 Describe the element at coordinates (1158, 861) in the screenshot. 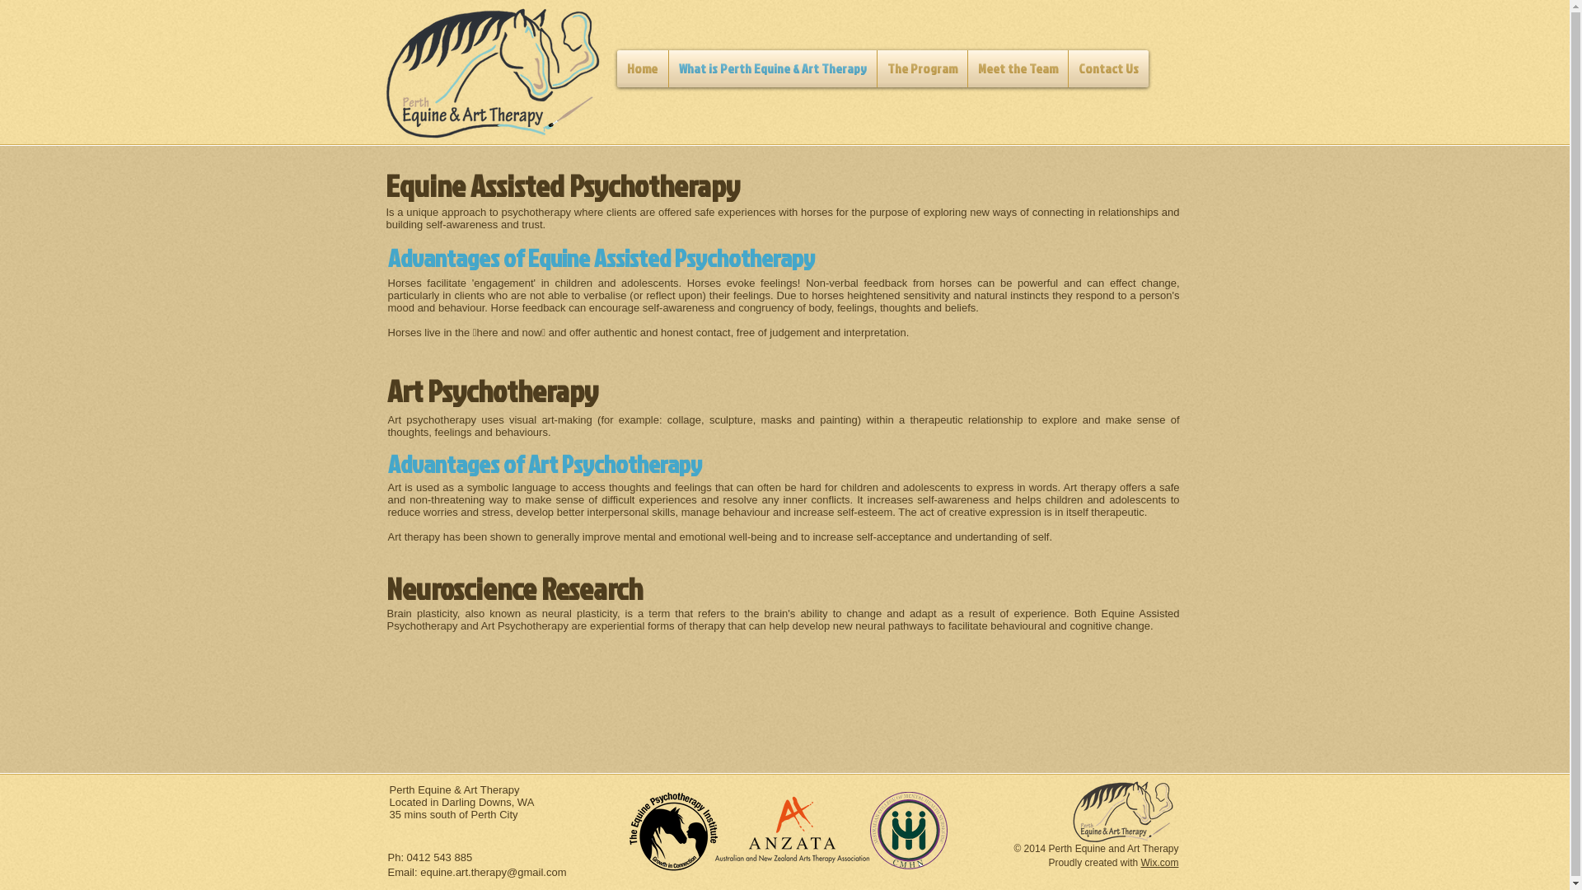

I see `'Wix.com'` at that location.